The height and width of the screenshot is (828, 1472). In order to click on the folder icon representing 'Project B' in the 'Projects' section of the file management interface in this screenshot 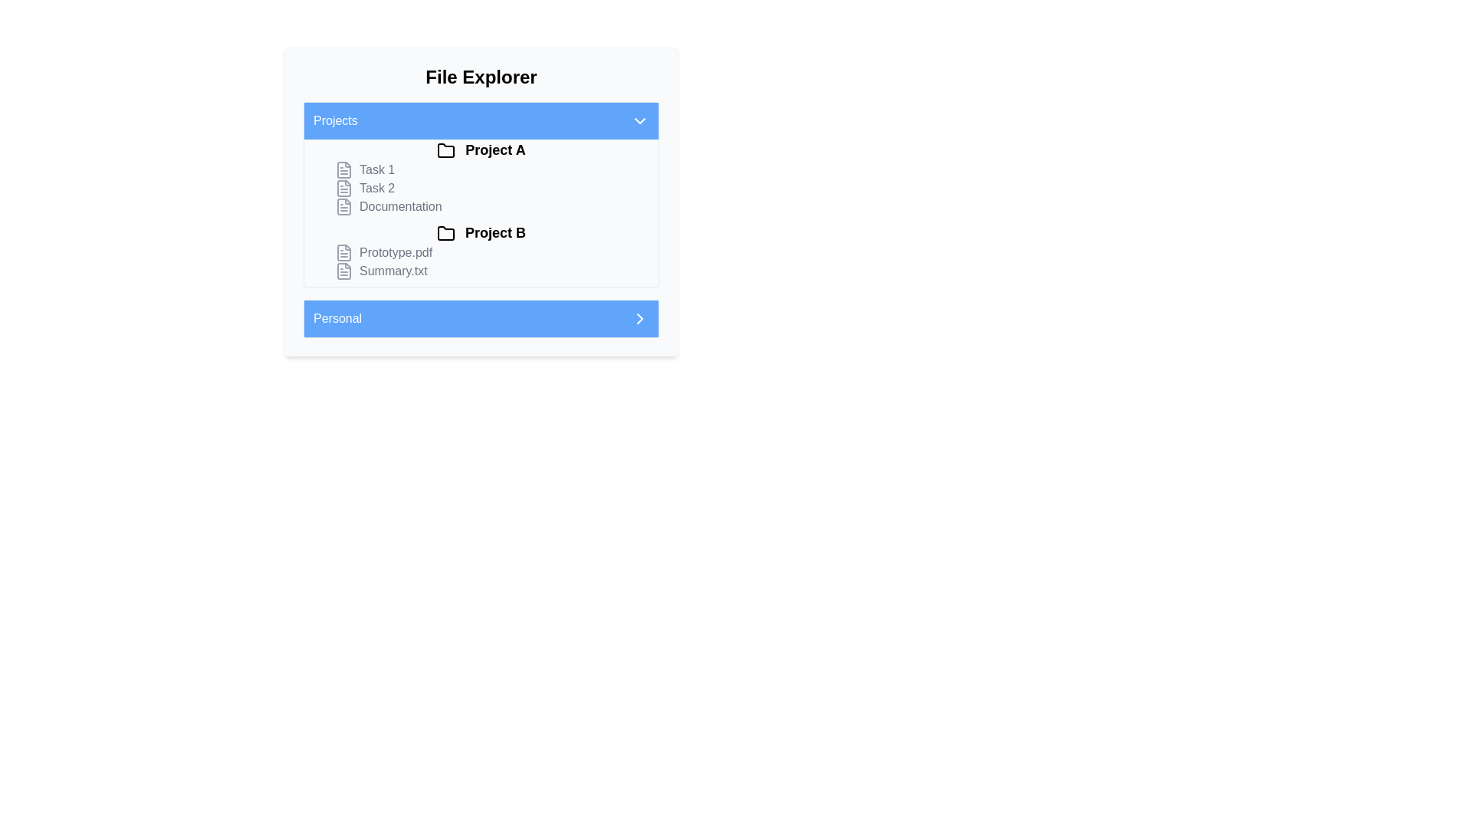, I will do `click(445, 233)`.